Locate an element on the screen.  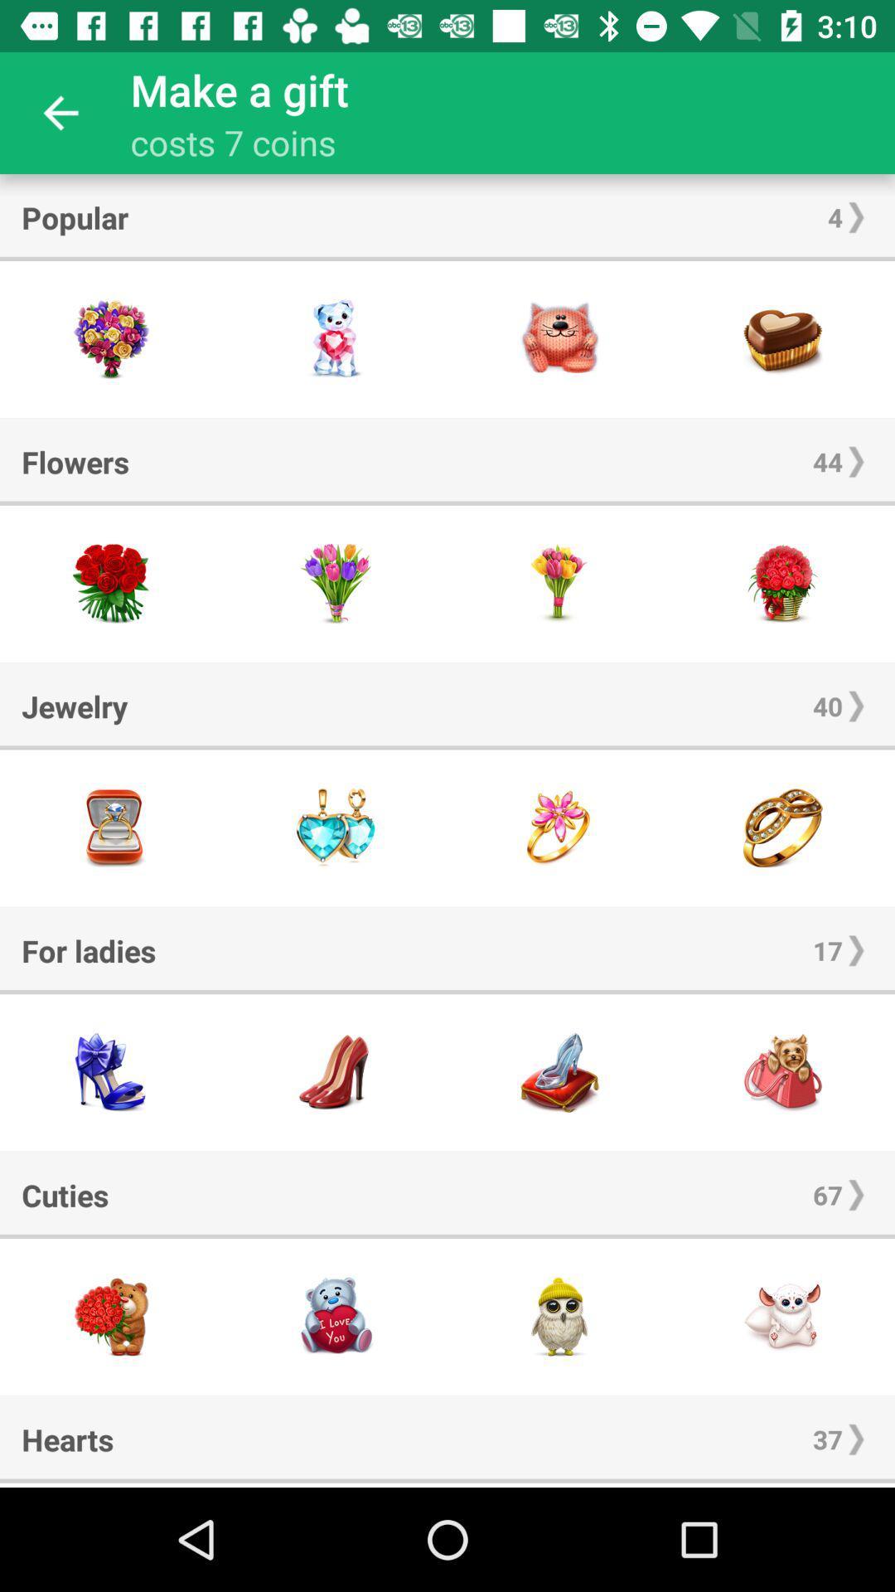
gift option is located at coordinates (112, 1072).